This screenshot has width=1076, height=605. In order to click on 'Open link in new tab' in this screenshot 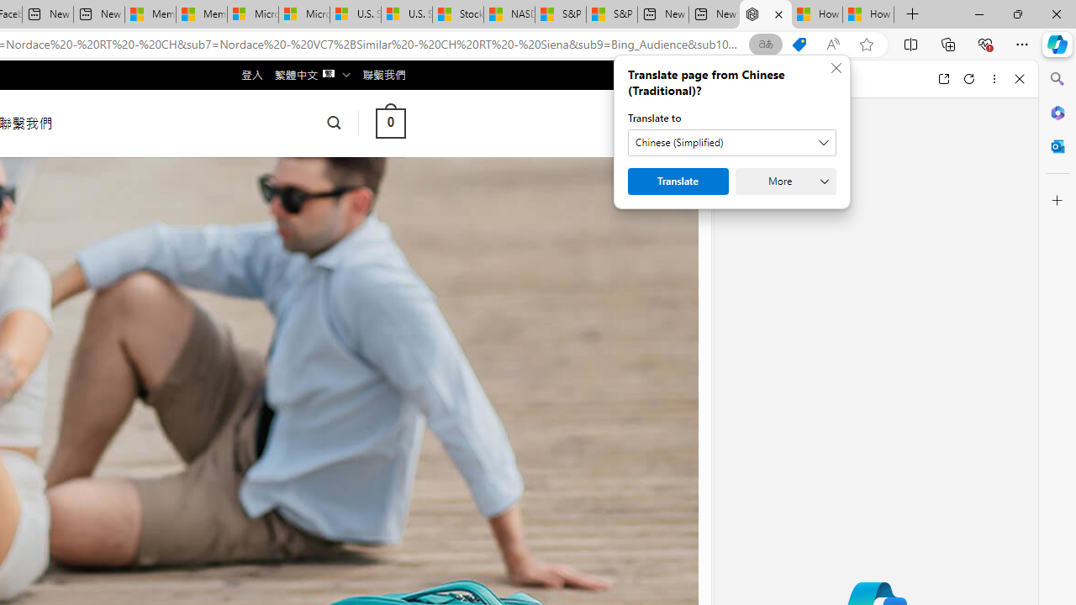, I will do `click(943, 78)`.